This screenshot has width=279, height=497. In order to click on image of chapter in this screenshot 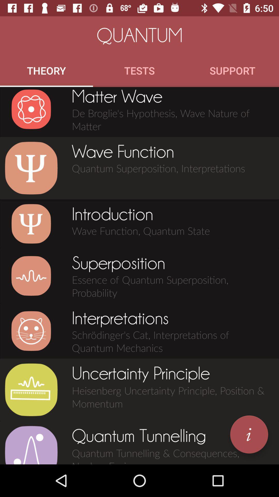, I will do `click(31, 331)`.